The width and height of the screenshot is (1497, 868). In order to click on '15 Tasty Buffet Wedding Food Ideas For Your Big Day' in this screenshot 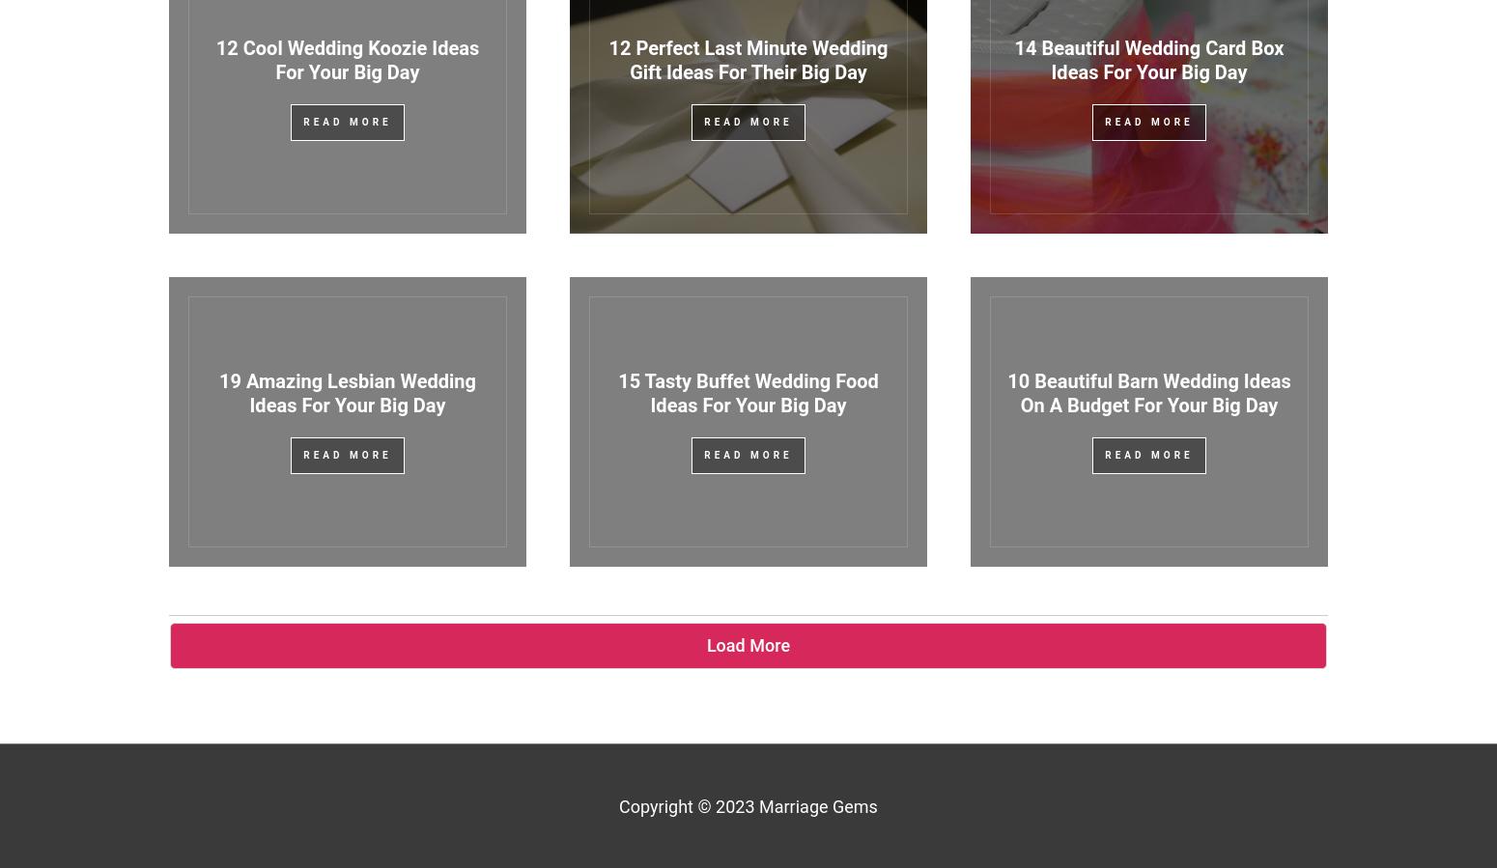, I will do `click(748, 392)`.